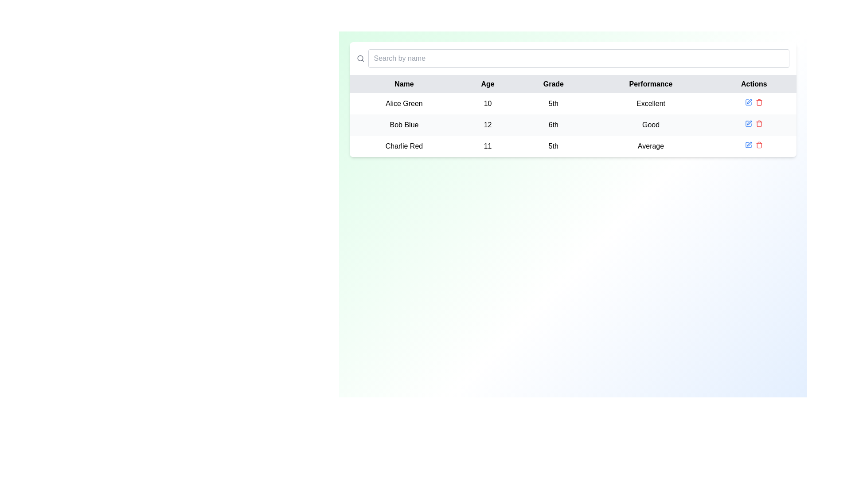  What do you see at coordinates (553, 84) in the screenshot?
I see `the text label displaying 'Grade', which is the third header in a row of five headers within a table, positioned between 'Age' and 'Performance'` at bounding box center [553, 84].